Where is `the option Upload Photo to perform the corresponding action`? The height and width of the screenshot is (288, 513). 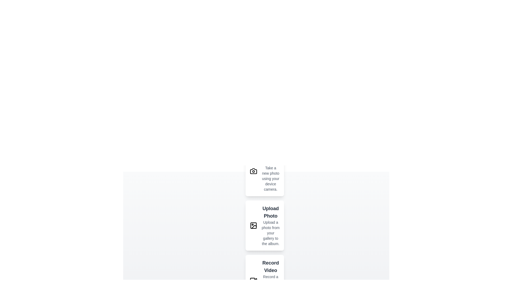 the option Upload Photo to perform the corresponding action is located at coordinates (253, 225).